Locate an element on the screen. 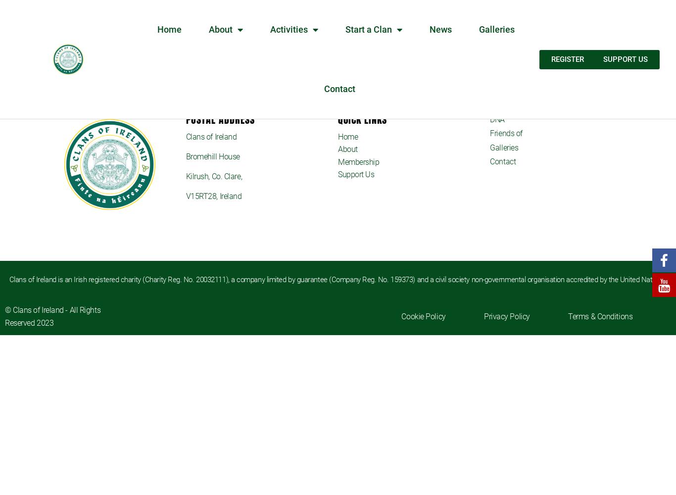  'Quick Links' is located at coordinates (362, 118).